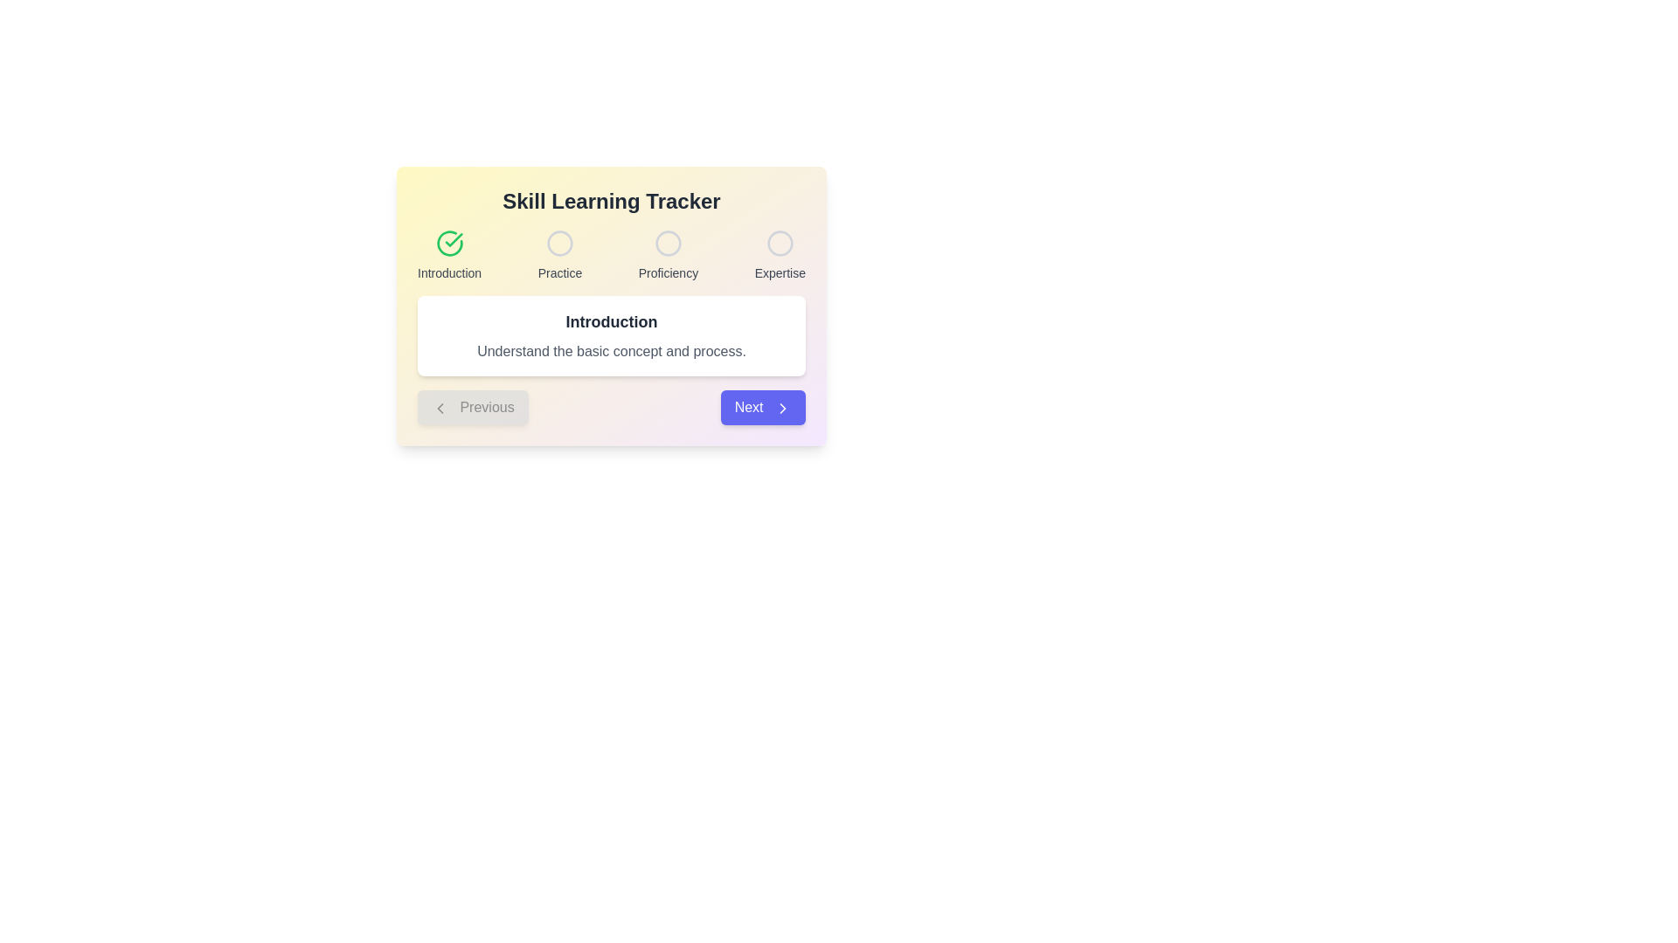 This screenshot has width=1678, height=943. I want to click on the Progress indicator, which is a circular icon with a gray outline located under the label 'Proficiency', so click(667, 243).